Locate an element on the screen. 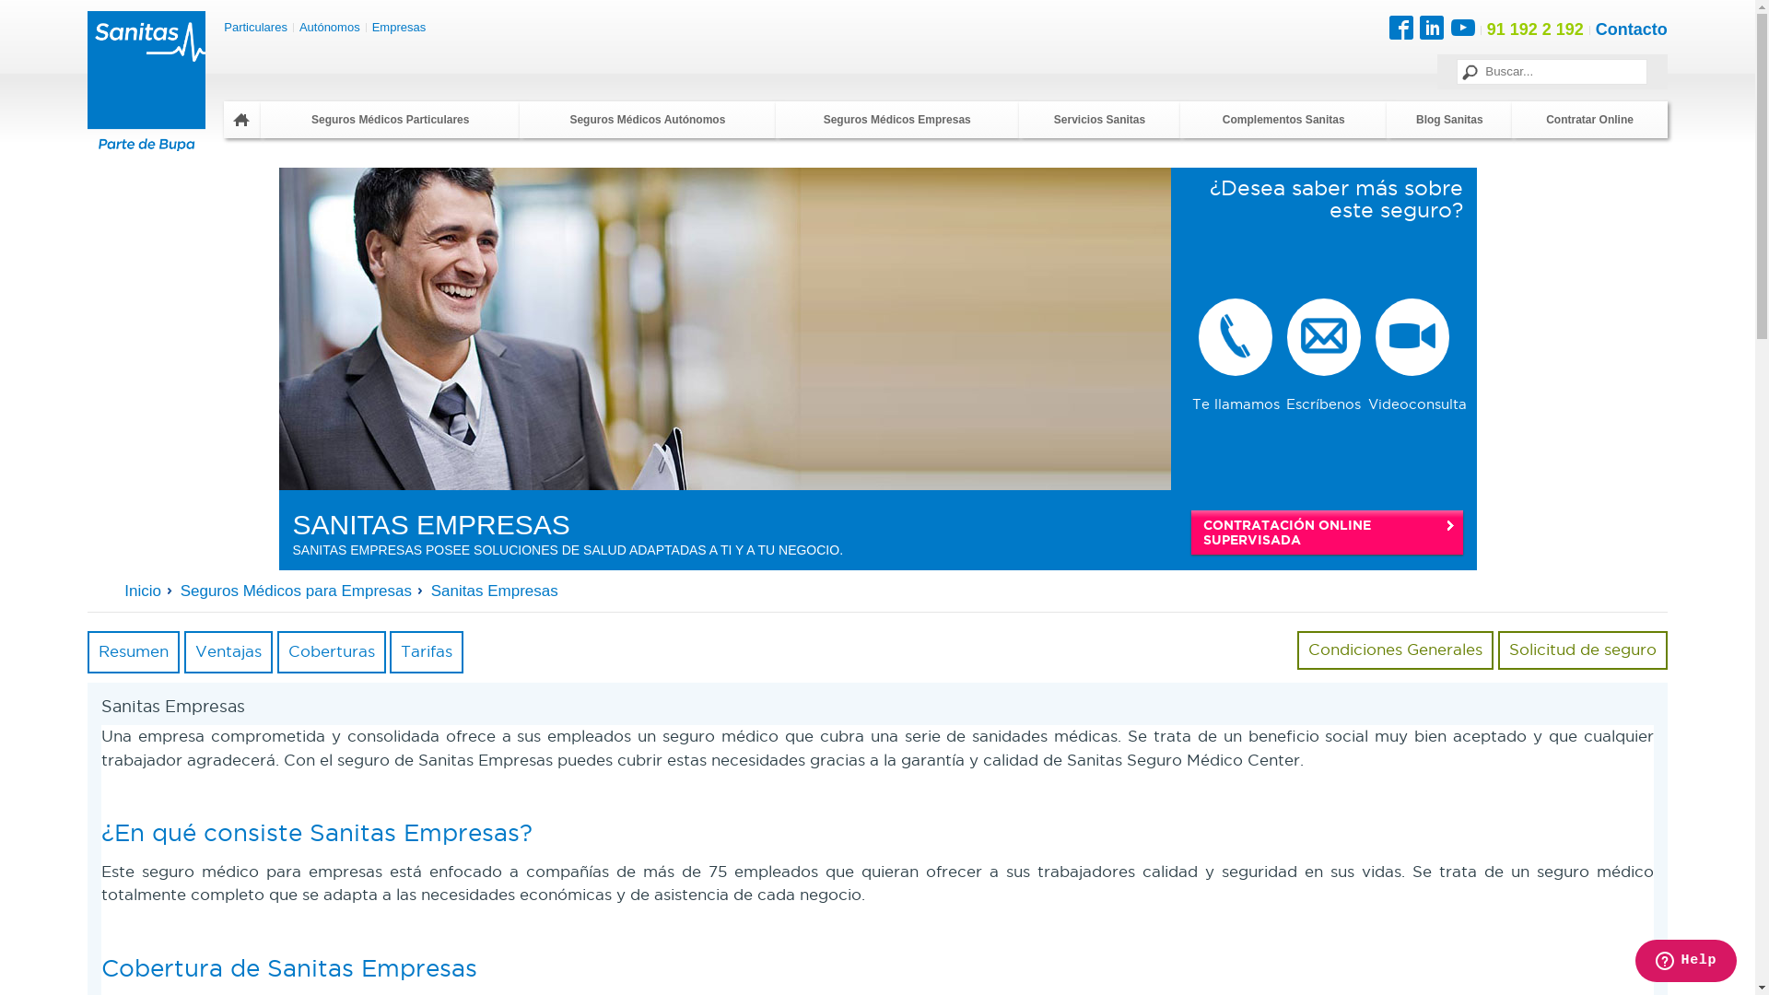 Image resolution: width=1769 pixels, height=995 pixels. 'Contacto' is located at coordinates (1632, 30).